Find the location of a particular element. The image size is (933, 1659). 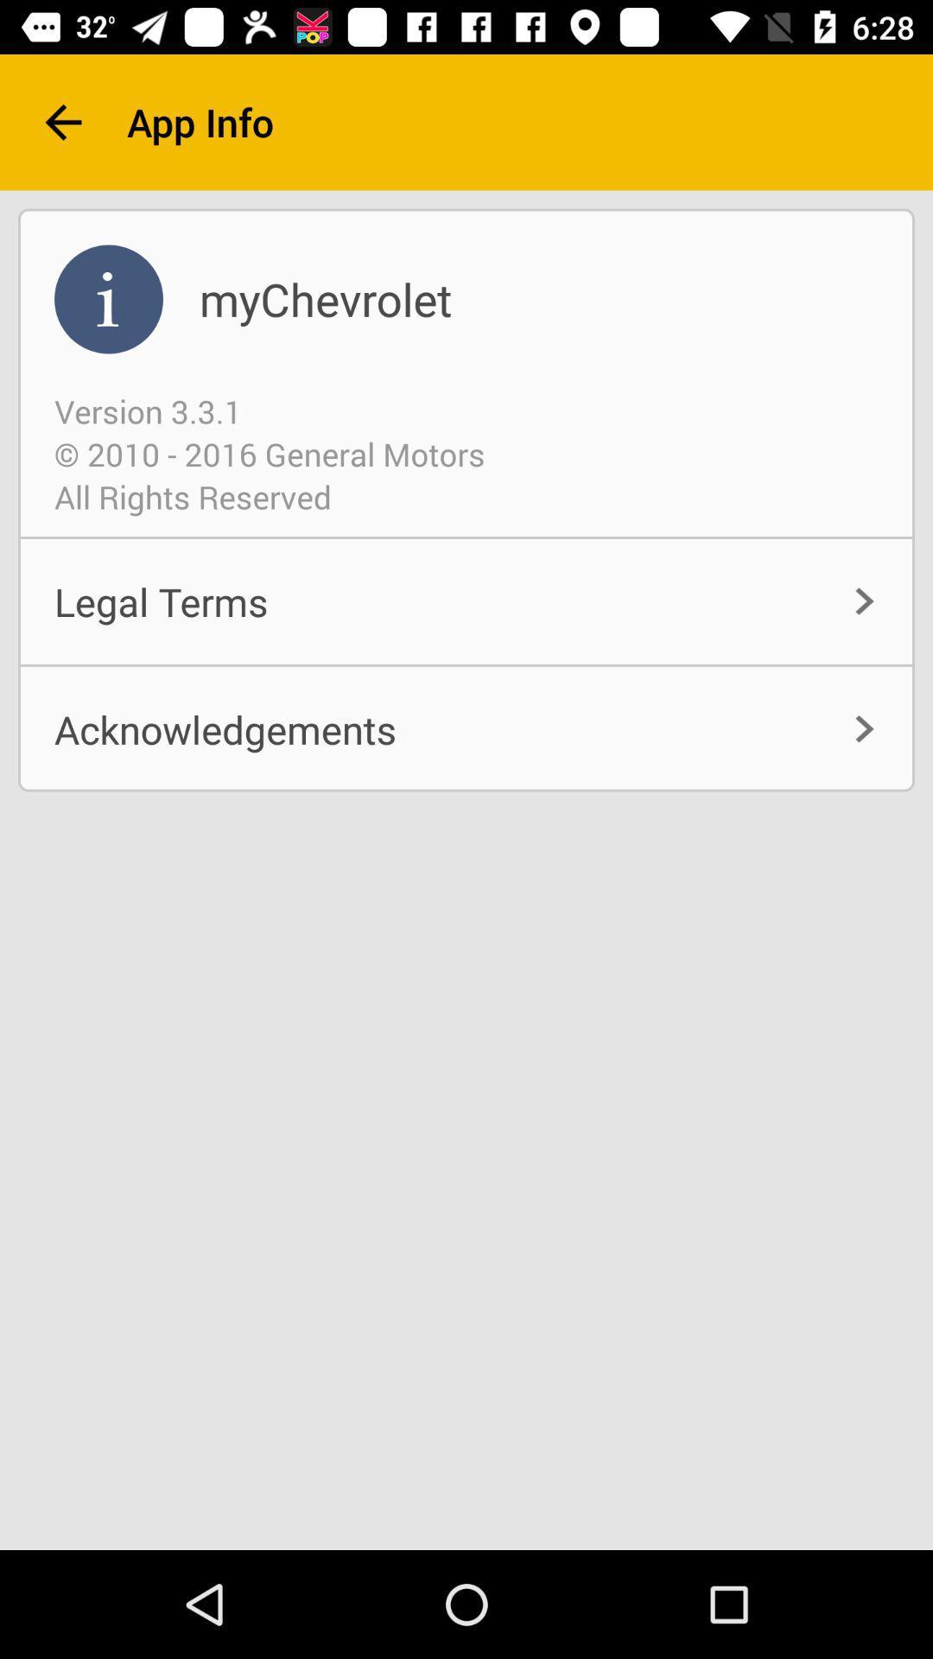

item below all rights reserved item is located at coordinates (466, 601).